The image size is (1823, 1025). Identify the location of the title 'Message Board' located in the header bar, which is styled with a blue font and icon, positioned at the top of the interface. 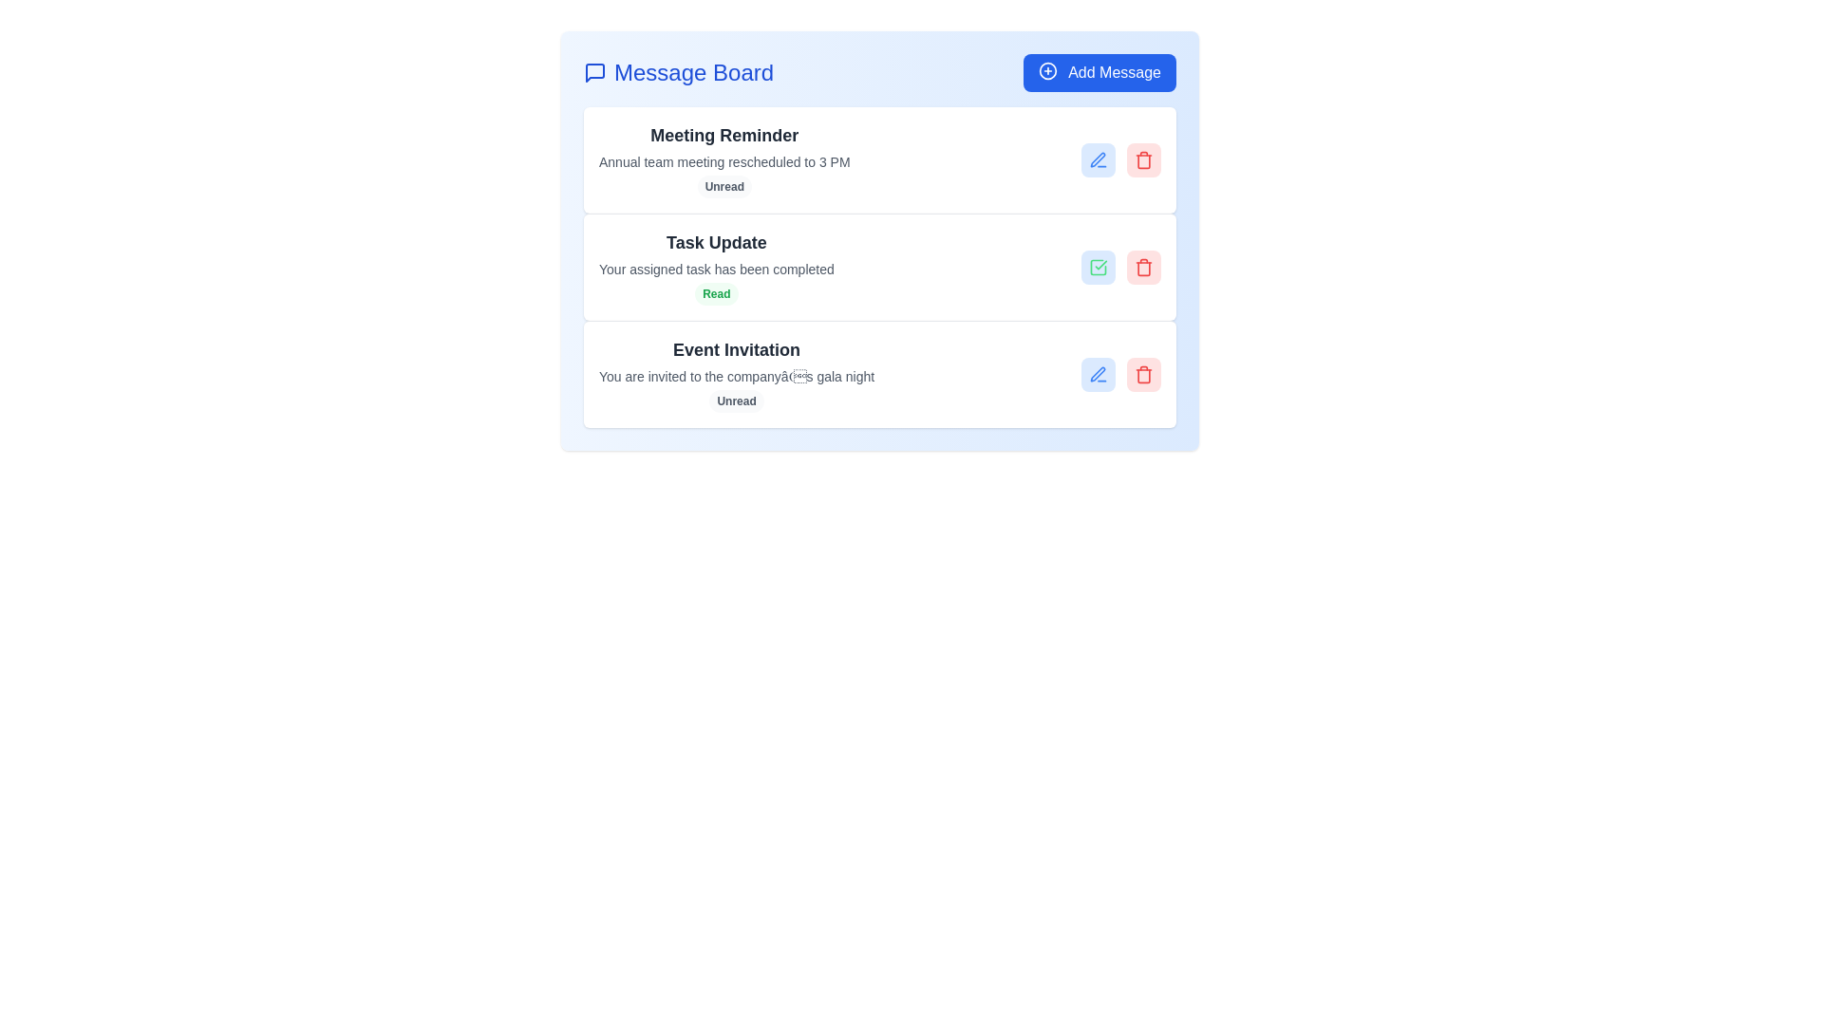
(878, 72).